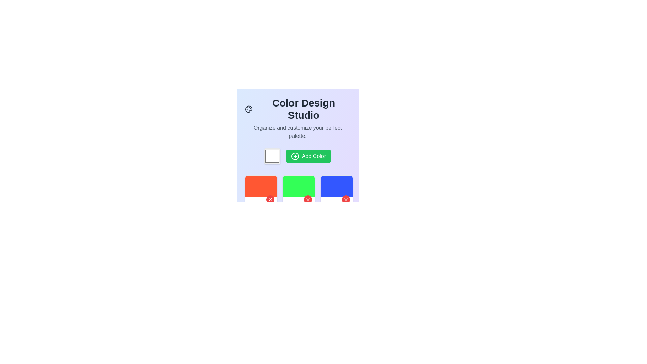 This screenshot has height=364, width=647. I want to click on the decorative icon representing the color palette in the header section of the 'Color Design Studio' interface to interact with its associated functionality, so click(248, 109).